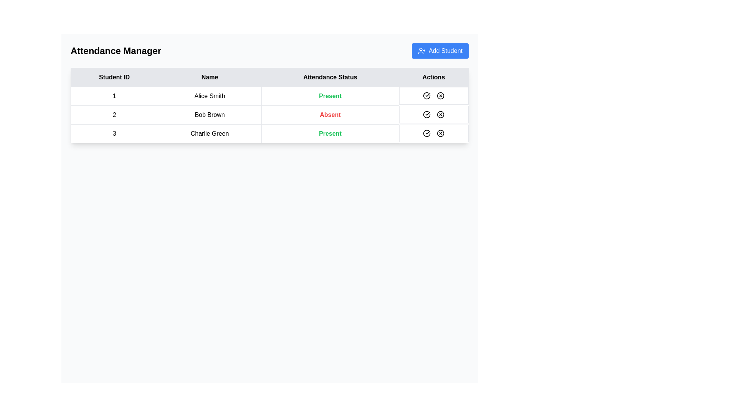 This screenshot has height=414, width=737. What do you see at coordinates (114, 77) in the screenshot?
I see `the table header element that serves as the label for the column displaying student identifiers, positioned to the left of other headers` at bounding box center [114, 77].